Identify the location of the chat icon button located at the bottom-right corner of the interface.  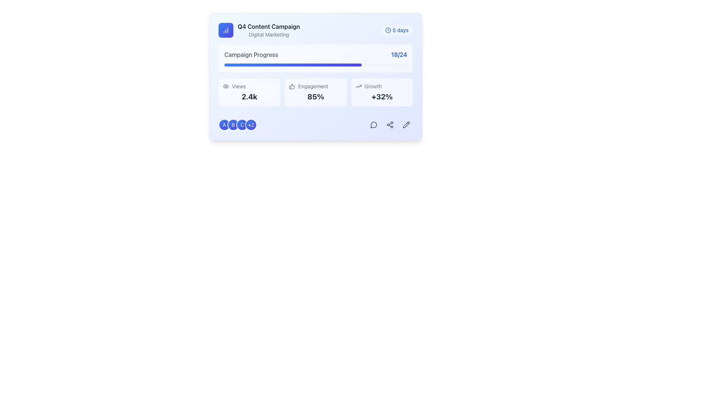
(374, 125).